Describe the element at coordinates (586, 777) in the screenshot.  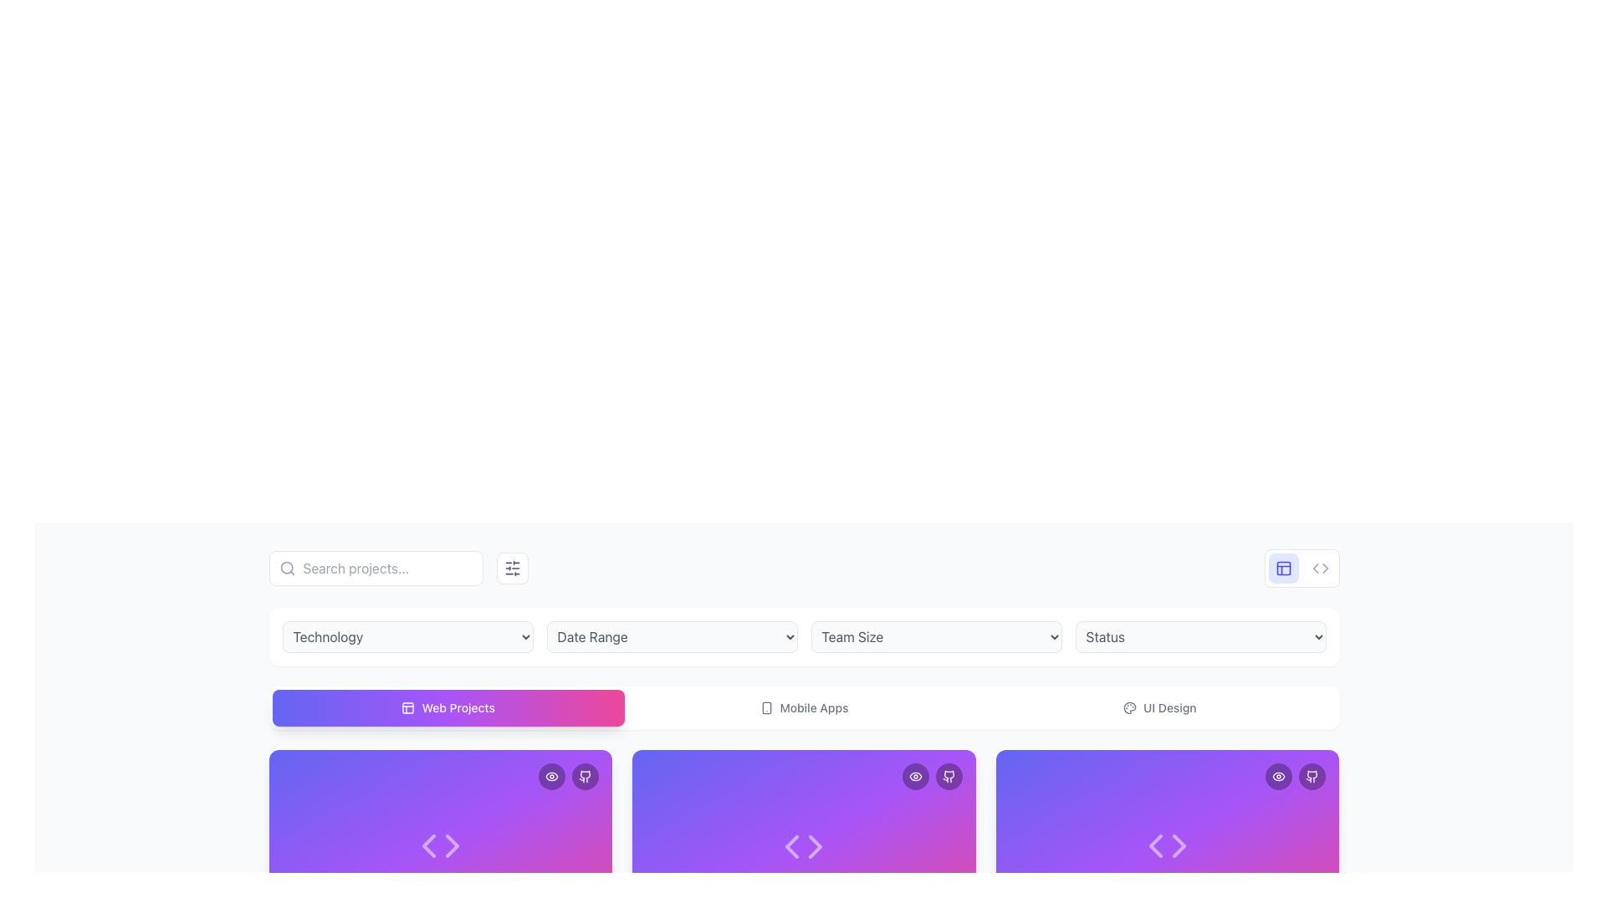
I see `the GitHub shortcut icon located at the top-right corner of the highlighted card` at that location.